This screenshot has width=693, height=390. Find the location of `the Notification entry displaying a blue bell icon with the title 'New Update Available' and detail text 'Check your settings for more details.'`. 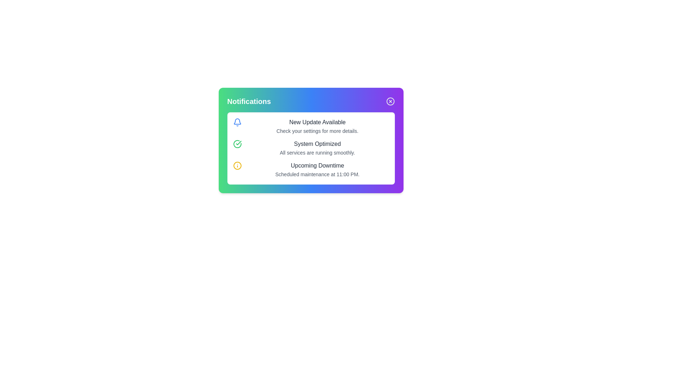

the Notification entry displaying a blue bell icon with the title 'New Update Available' and detail text 'Check your settings for more details.' is located at coordinates (311, 126).